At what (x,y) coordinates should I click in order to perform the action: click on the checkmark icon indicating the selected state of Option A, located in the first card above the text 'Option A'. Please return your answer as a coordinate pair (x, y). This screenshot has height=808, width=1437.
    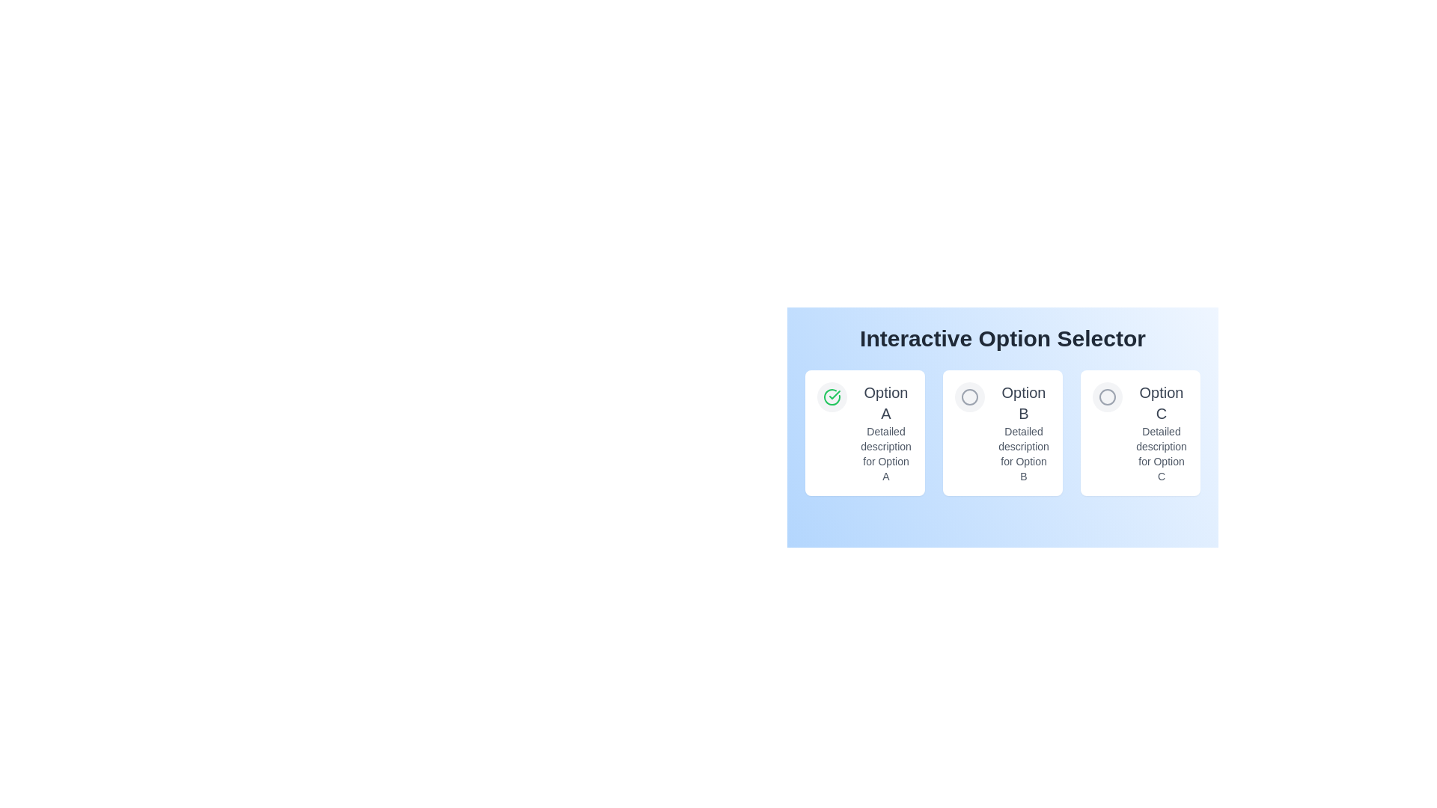
    Looking at the image, I should click on (832, 397).